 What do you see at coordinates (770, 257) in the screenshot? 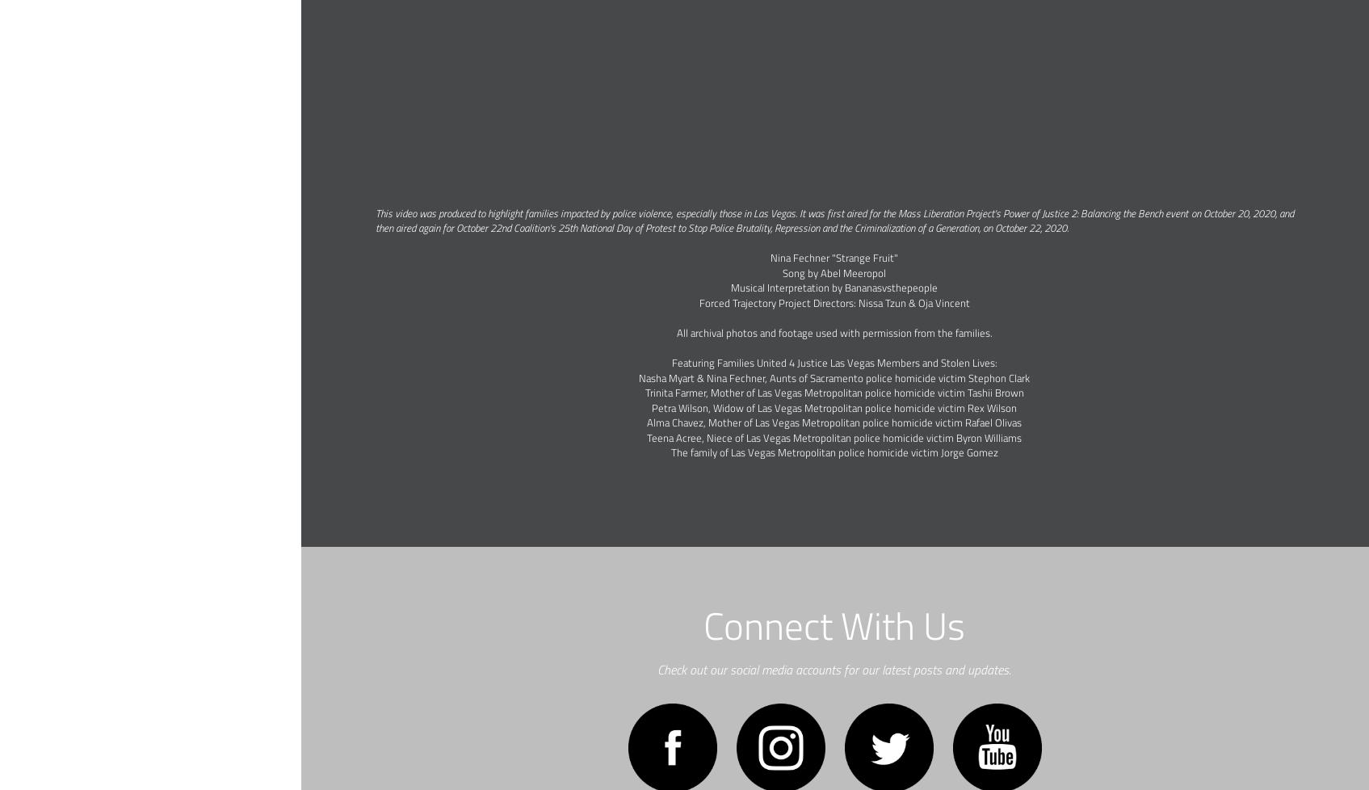
I see `'Nina Fechner "Strange Fruit"'` at bounding box center [770, 257].